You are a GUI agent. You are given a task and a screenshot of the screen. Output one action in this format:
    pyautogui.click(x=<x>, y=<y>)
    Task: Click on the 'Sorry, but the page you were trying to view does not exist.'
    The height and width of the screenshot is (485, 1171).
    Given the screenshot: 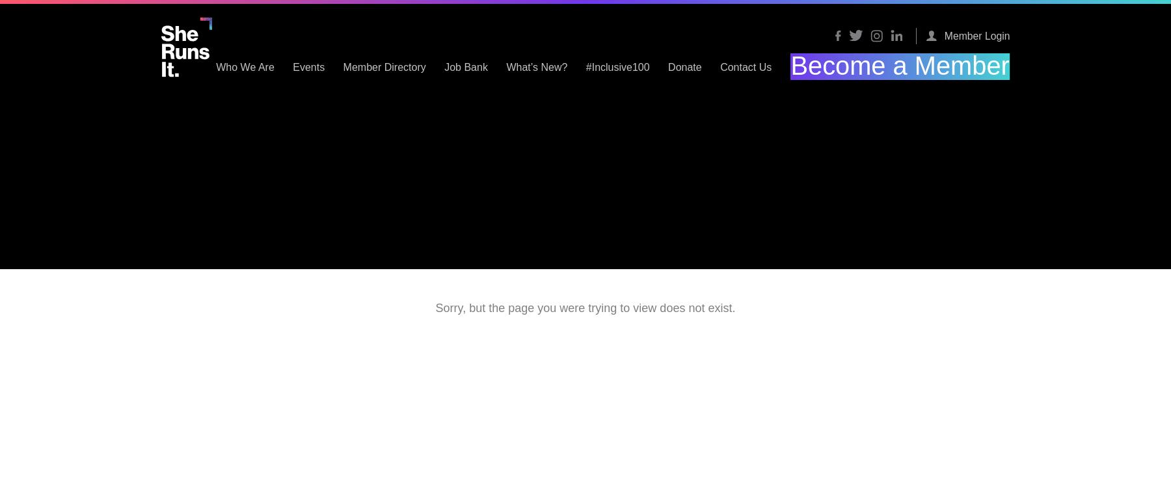 What is the action you would take?
    pyautogui.click(x=435, y=308)
    